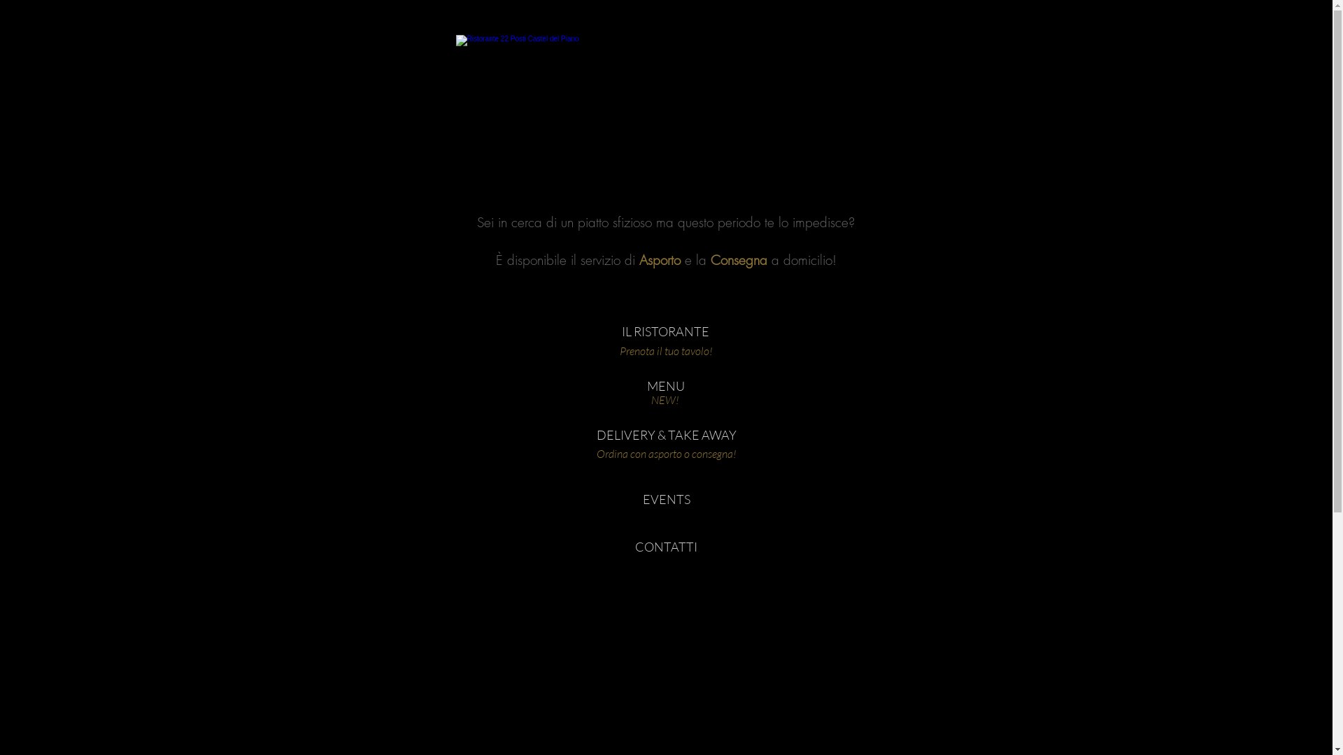 The width and height of the screenshot is (1343, 755). I want to click on 'IL RISTORANTE', so click(665, 331).